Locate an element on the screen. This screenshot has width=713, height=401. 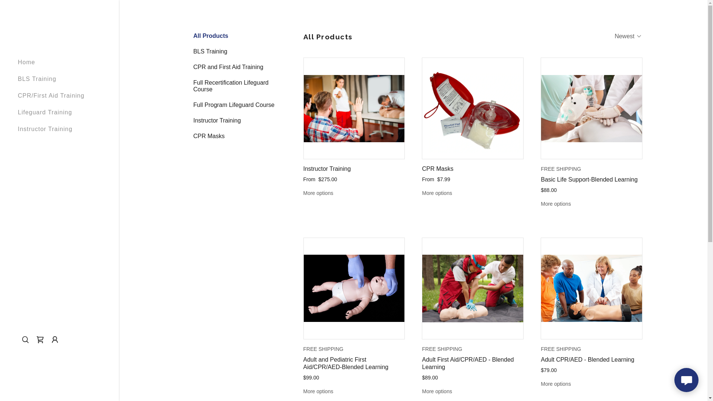
'Instructor Training' is located at coordinates (45, 128).